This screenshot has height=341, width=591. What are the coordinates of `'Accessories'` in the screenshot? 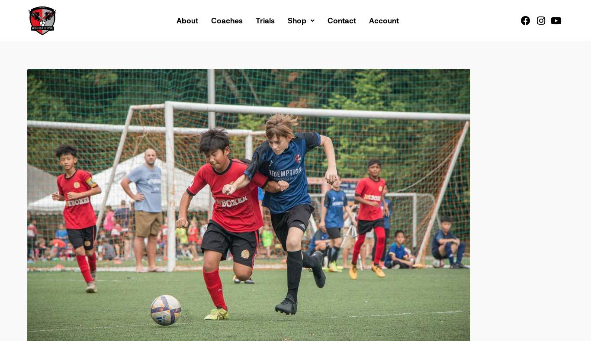 It's located at (318, 82).